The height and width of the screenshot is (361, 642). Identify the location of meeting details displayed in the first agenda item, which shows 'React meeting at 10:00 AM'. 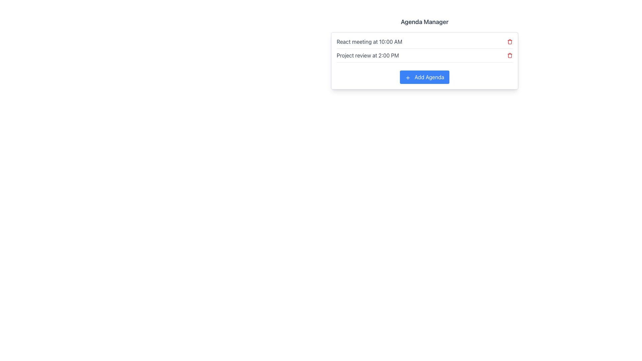
(424, 43).